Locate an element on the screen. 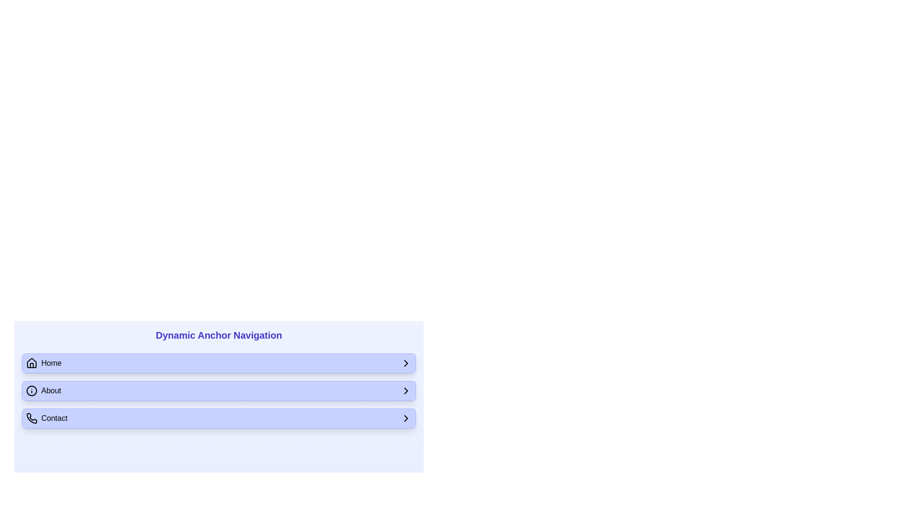 This screenshot has width=912, height=513. the 'Contact' navigation button, which is the third item in a vertical stack of navigation buttons, to trigger the hover effect is located at coordinates (218, 418).